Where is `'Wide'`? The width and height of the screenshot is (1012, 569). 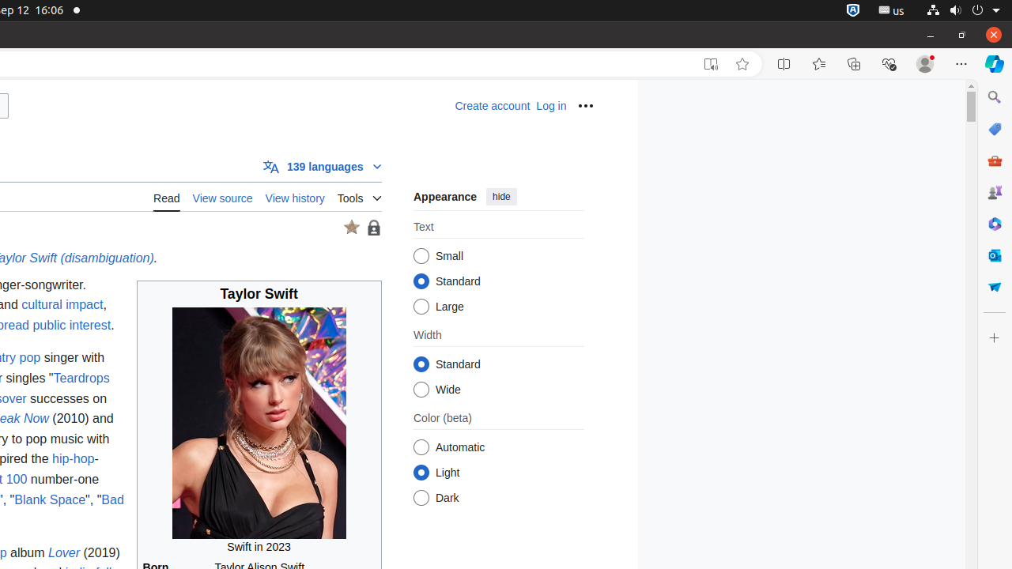 'Wide' is located at coordinates (421, 390).